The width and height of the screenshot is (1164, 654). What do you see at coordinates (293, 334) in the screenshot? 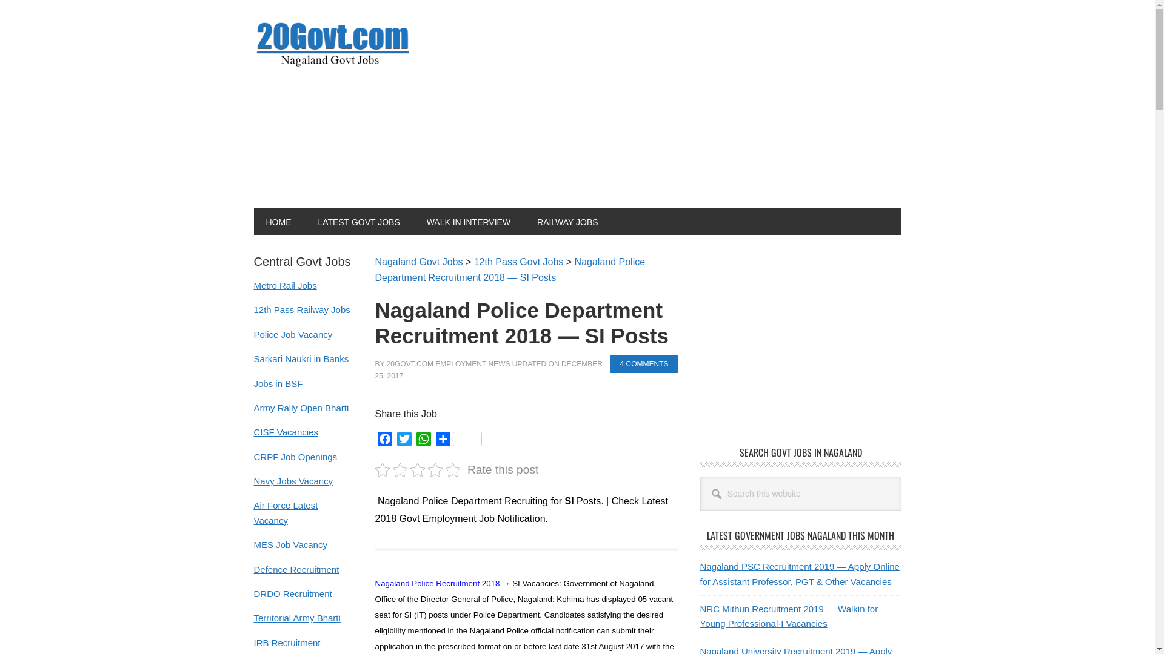
I see `'Police Job Vacancy'` at bounding box center [293, 334].